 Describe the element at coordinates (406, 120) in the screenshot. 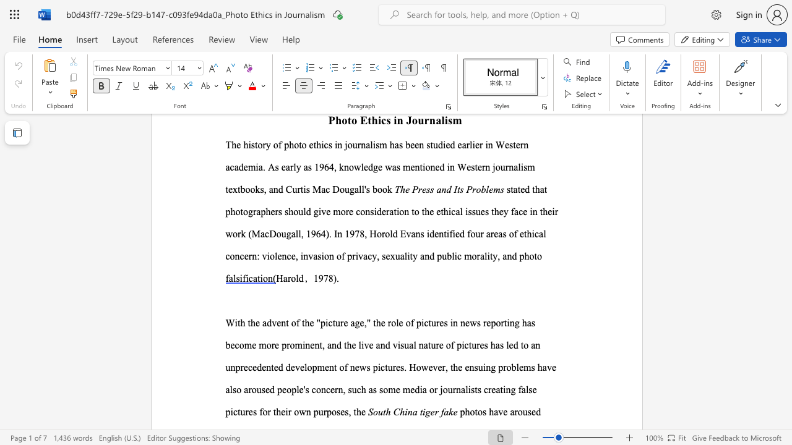

I see `the subset text "Journalis" within the text "Photo Ethics in Journalism"` at that location.